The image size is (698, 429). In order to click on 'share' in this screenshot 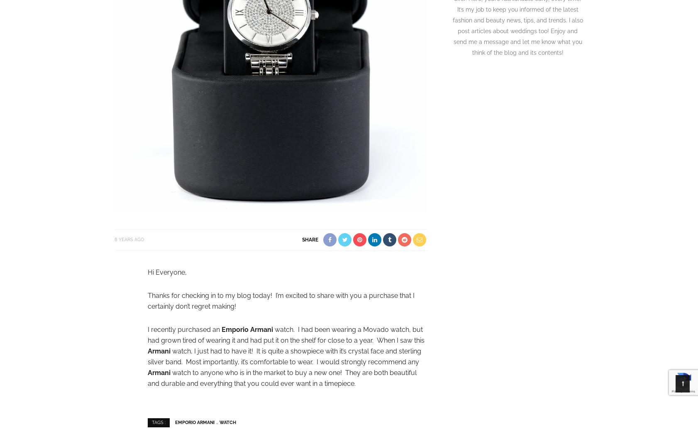, I will do `click(302, 240)`.